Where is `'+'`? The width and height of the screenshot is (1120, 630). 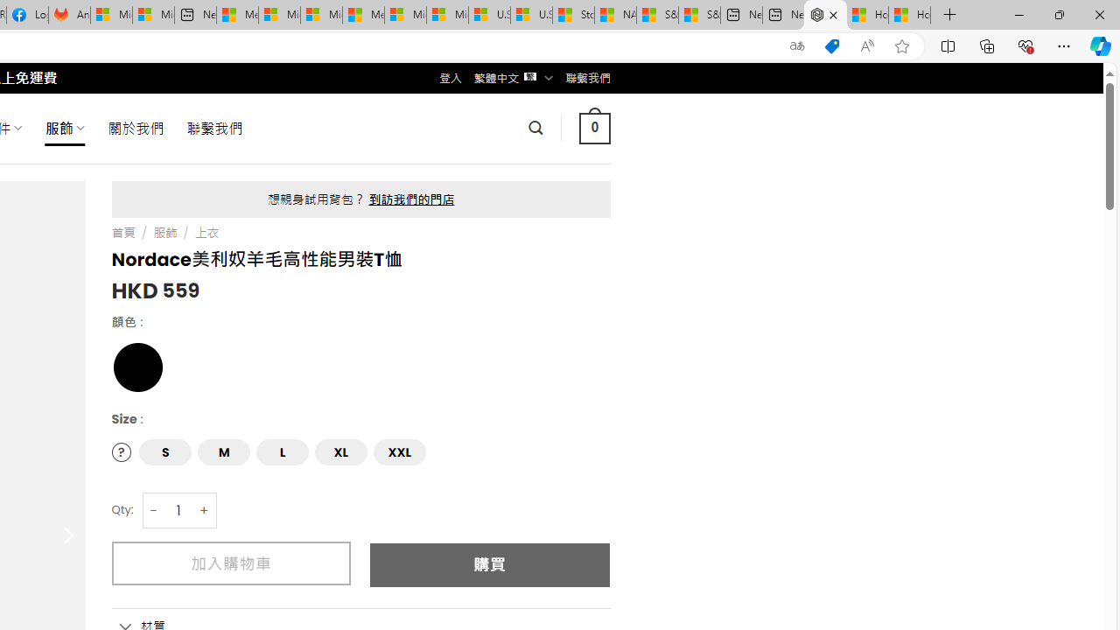 '+' is located at coordinates (205, 510).